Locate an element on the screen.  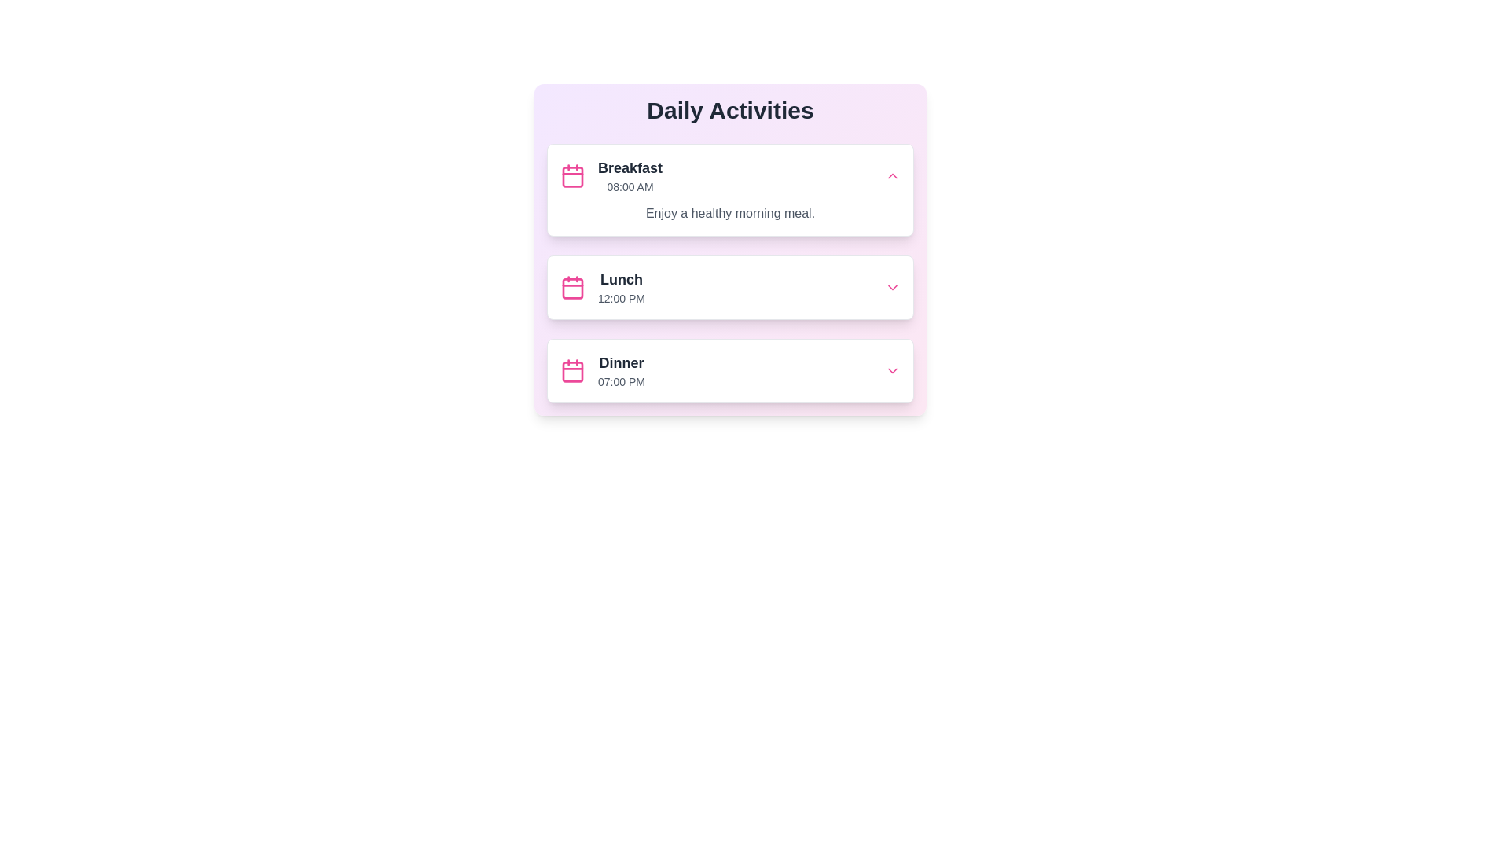
the Text Block displaying the title and time for a daily activity, located in the 'Daily Activities' panel, first row, to the right of the pink calendar icon is located at coordinates (630, 175).